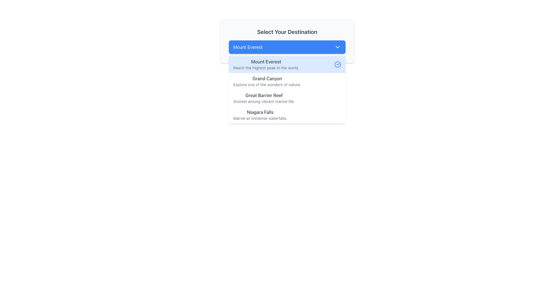 The width and height of the screenshot is (539, 303). What do you see at coordinates (267, 79) in the screenshot?
I see `text label displaying 'Grand Canyon' in the dropdown menu, which is the first selectable option beneath 'Mount Everest'` at bounding box center [267, 79].